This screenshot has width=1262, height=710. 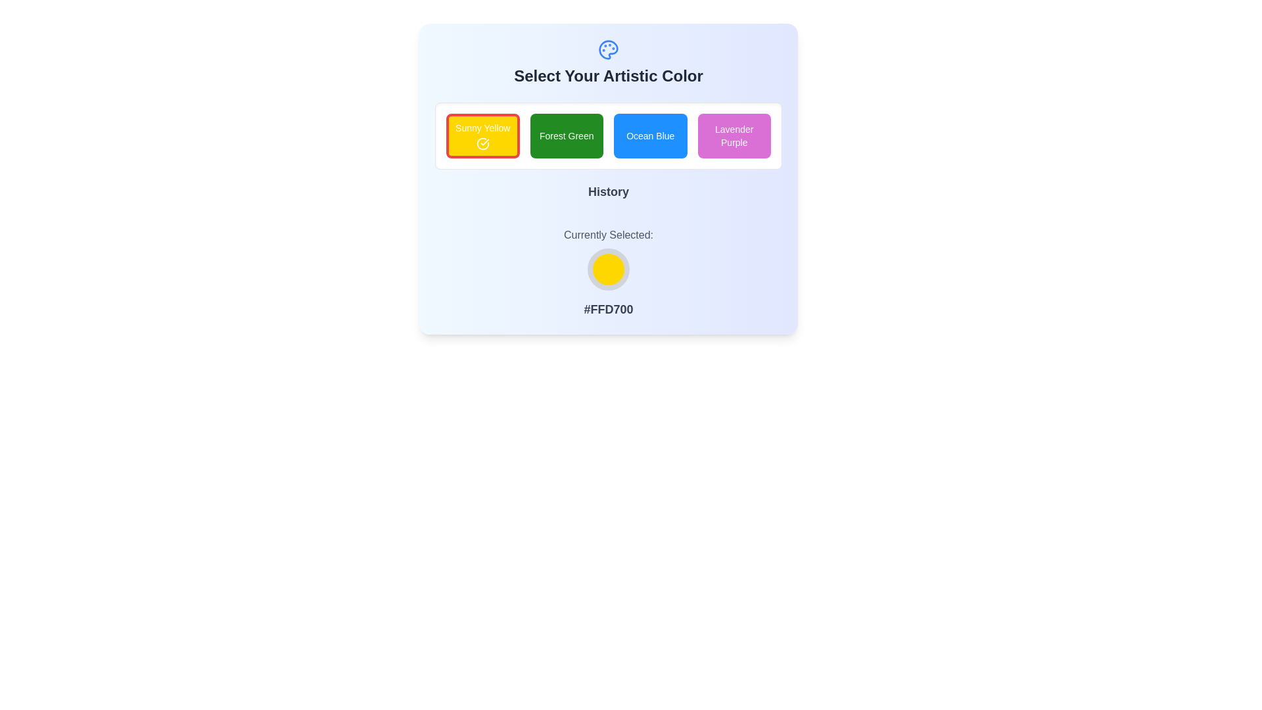 I want to click on the circular decorative UI element with a yellow fill and gray border located in the central bottom section of the UI, between 'Currently Selected:' and '#FFD700', so click(x=608, y=268).